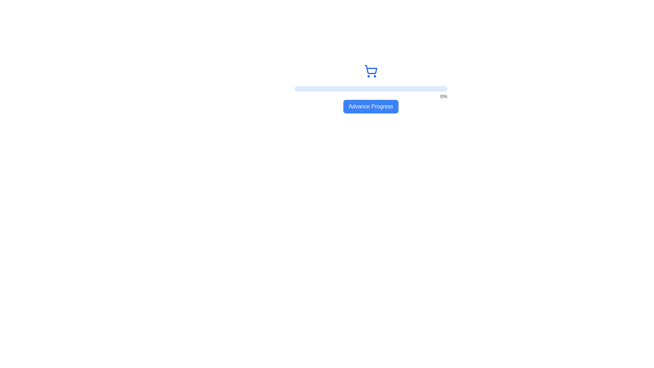  Describe the element at coordinates (371, 71) in the screenshot. I see `the shopping cart icon styled with blue color and round edges, located at the top center above the progress bar and the button labeled 'Advance Progress'` at that location.